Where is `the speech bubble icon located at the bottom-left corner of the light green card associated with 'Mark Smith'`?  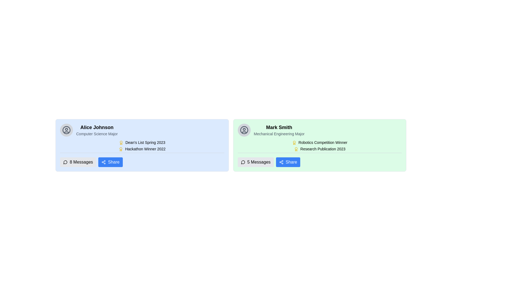
the speech bubble icon located at the bottom-left corner of the light green card associated with 'Mark Smith' is located at coordinates (243, 162).